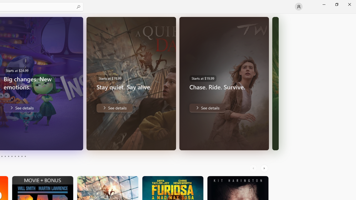 Image resolution: width=356 pixels, height=200 pixels. What do you see at coordinates (298, 7) in the screenshot?
I see `'User profile'` at bounding box center [298, 7].